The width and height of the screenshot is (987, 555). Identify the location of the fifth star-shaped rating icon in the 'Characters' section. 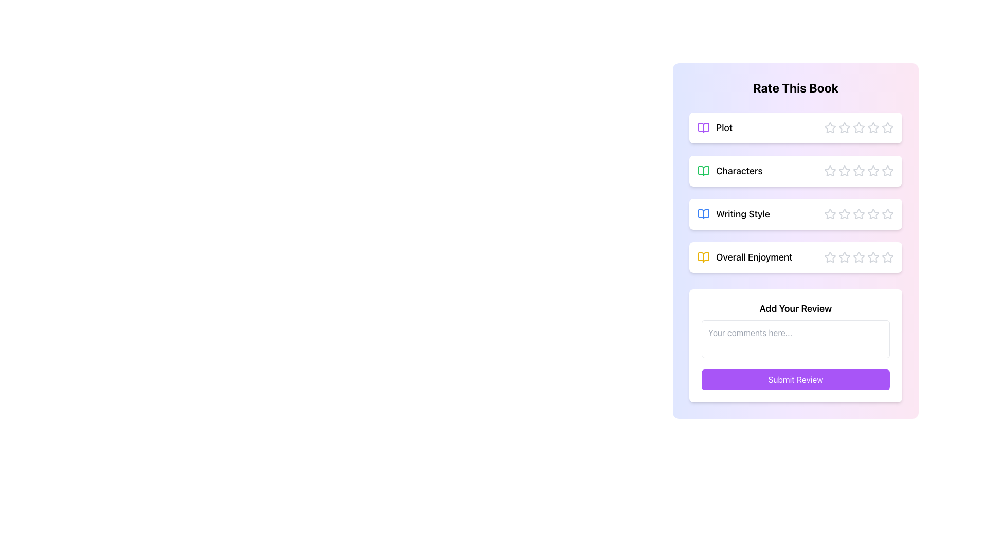
(873, 170).